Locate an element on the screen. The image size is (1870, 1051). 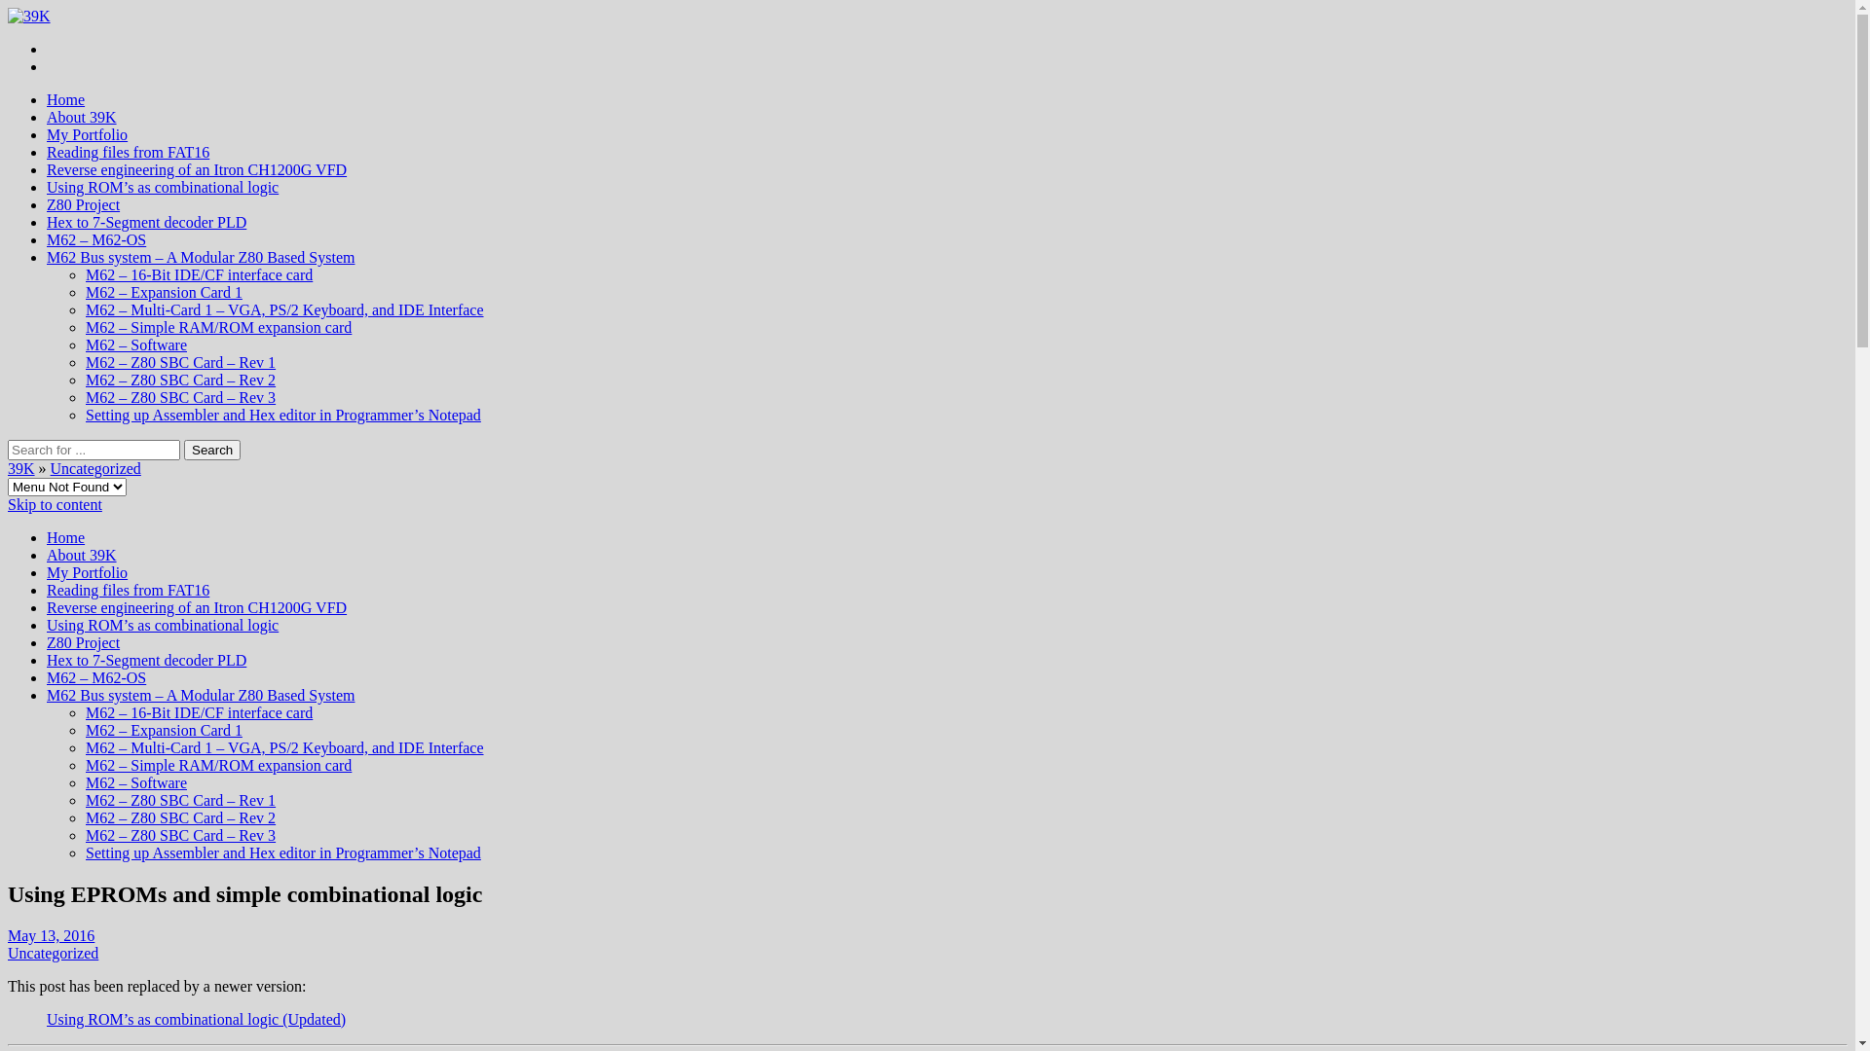
'May 13, 2016' is located at coordinates (51, 934).